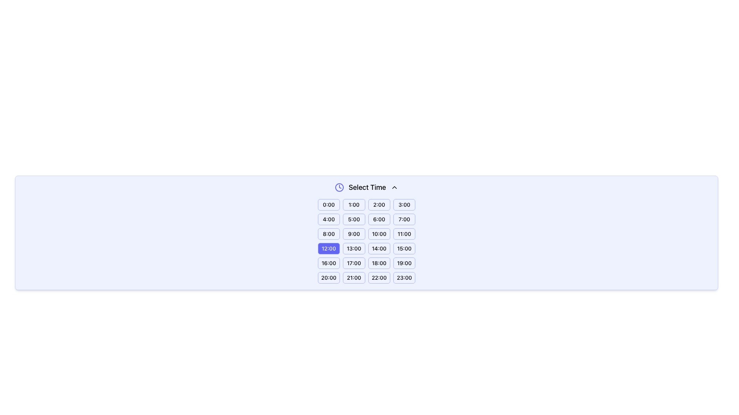 This screenshot has height=415, width=739. Describe the element at coordinates (404, 249) in the screenshot. I see `the button labeled '15:00', which is the sixteenth button in a grid layout of 24 buttons, located in the fourth column of the fourth row, to trigger hover effects` at that location.